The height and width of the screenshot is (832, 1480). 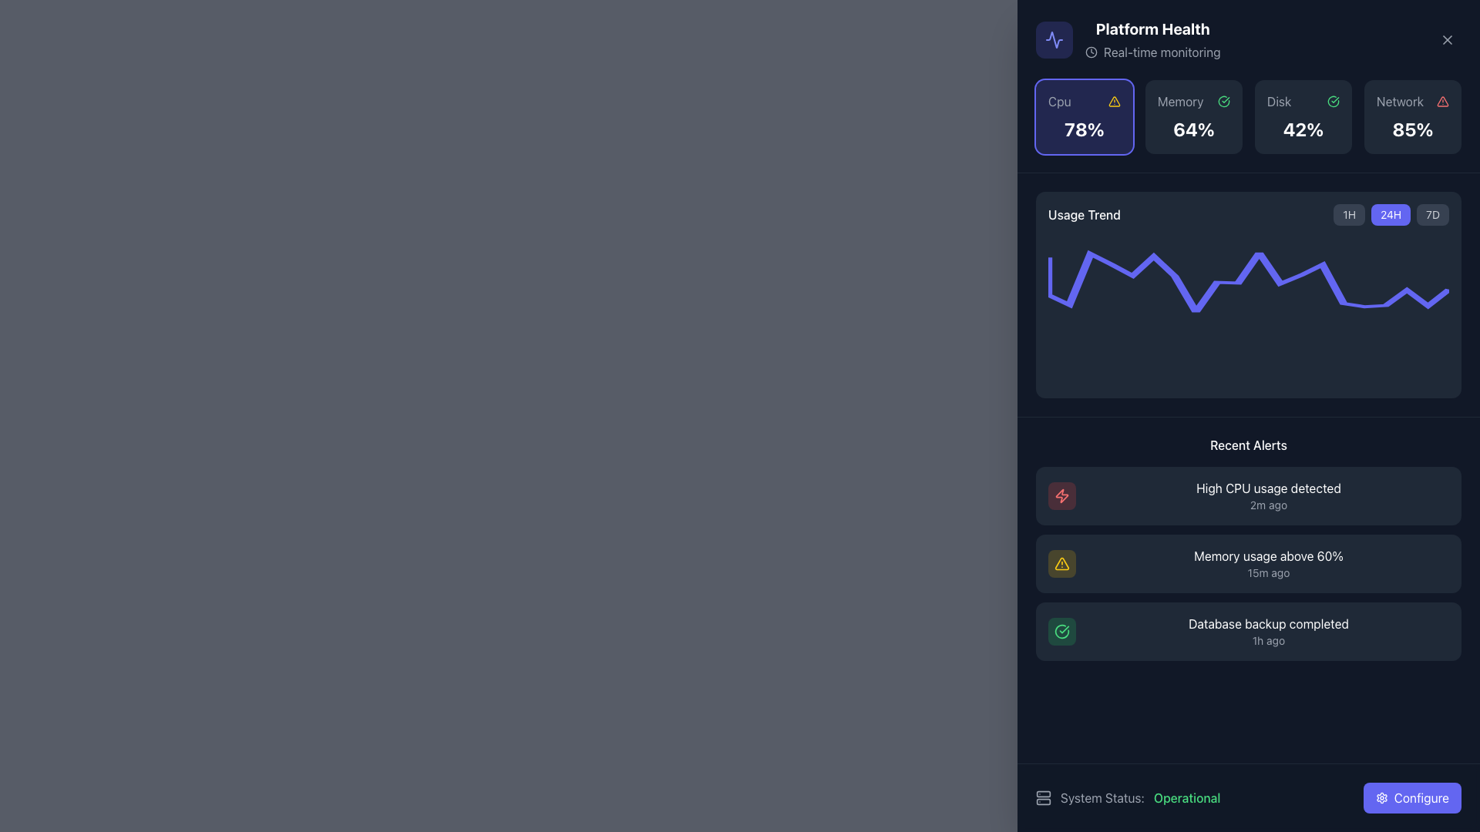 What do you see at coordinates (1054, 39) in the screenshot?
I see `the 'Platform Health' icon, which is represented by an oscillating wave-like design in the main sidebar section of the interface` at bounding box center [1054, 39].